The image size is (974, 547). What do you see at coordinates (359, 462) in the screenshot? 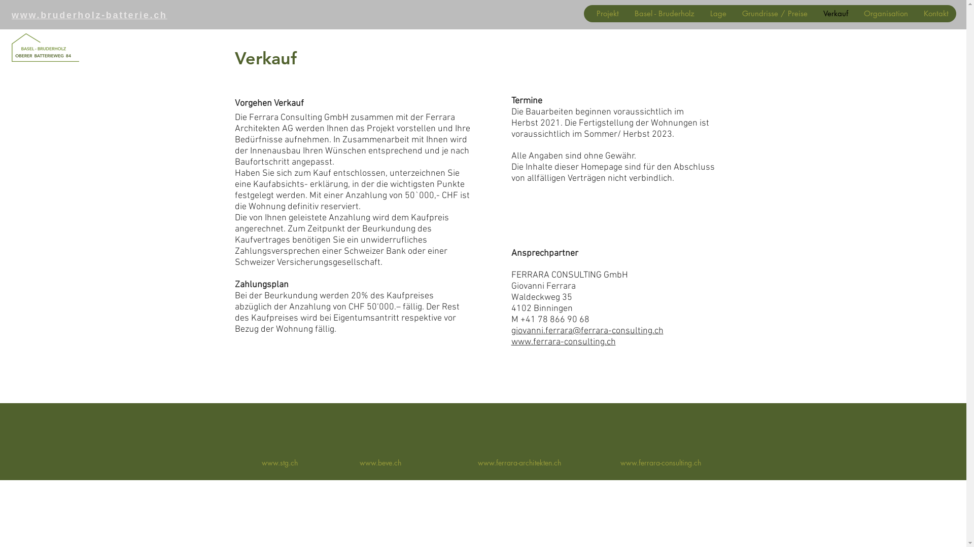
I see `'www.beve.ch'` at bounding box center [359, 462].